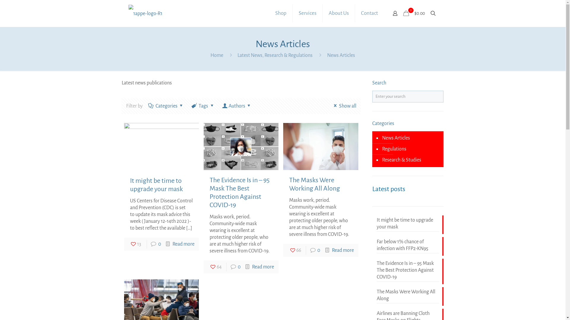 The image size is (570, 320). Describe the element at coordinates (203, 106) in the screenshot. I see `'Tags'` at that location.